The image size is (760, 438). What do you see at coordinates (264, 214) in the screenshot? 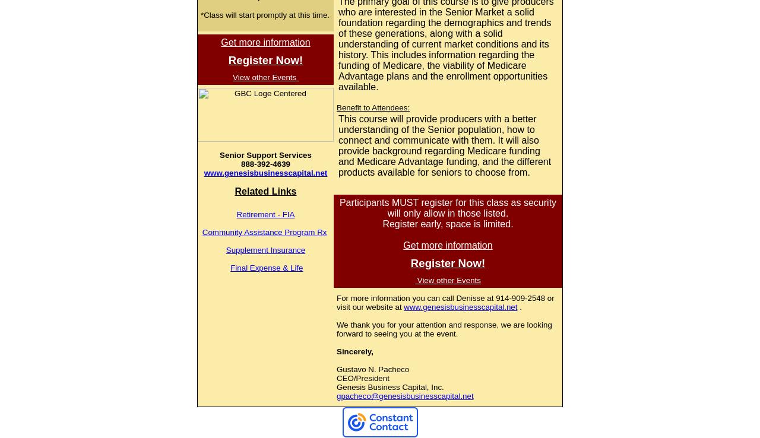
I see `'Retirement - FIA'` at bounding box center [264, 214].